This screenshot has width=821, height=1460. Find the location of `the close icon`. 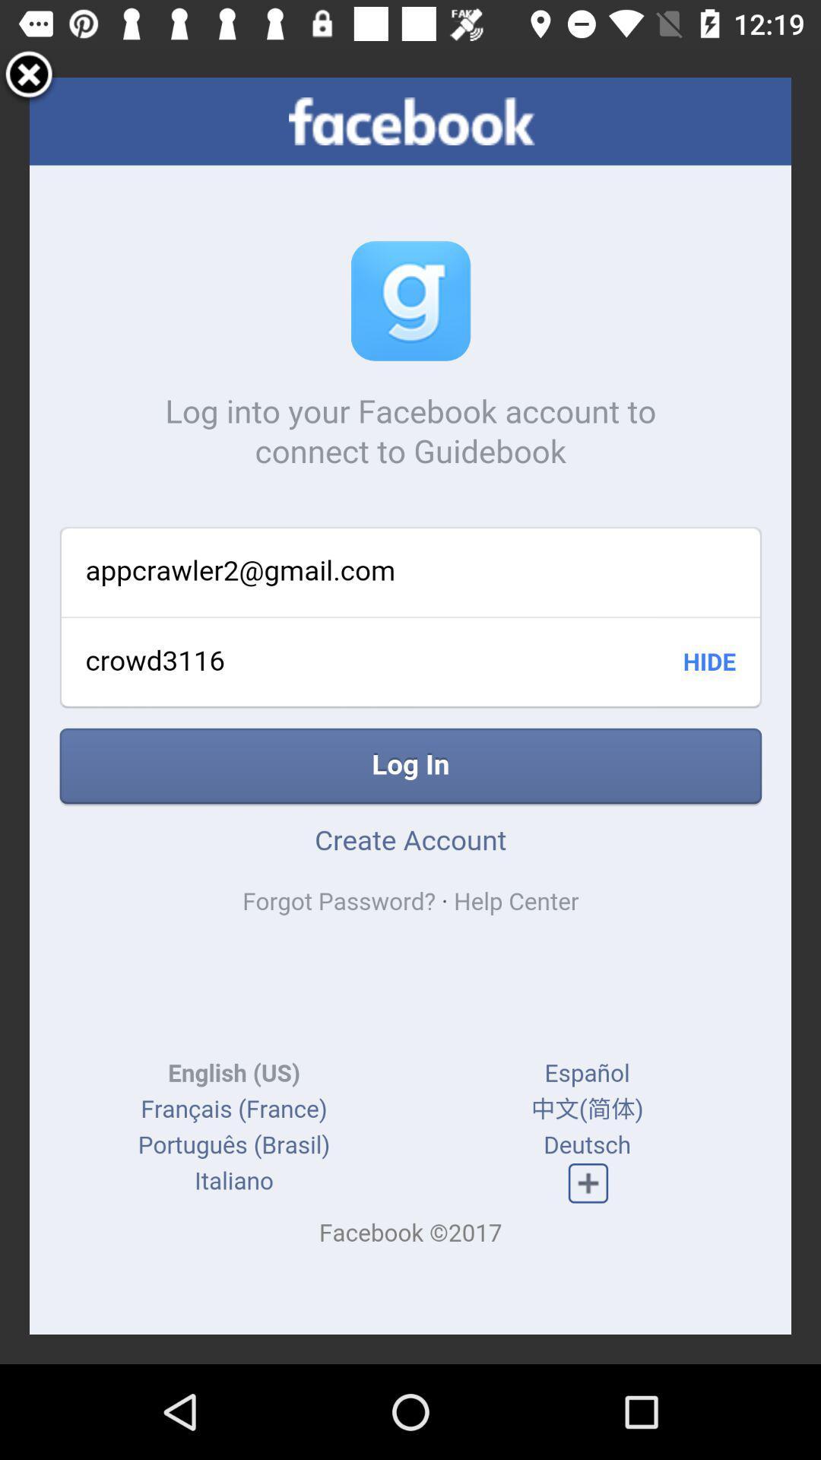

the close icon is located at coordinates (29, 81).